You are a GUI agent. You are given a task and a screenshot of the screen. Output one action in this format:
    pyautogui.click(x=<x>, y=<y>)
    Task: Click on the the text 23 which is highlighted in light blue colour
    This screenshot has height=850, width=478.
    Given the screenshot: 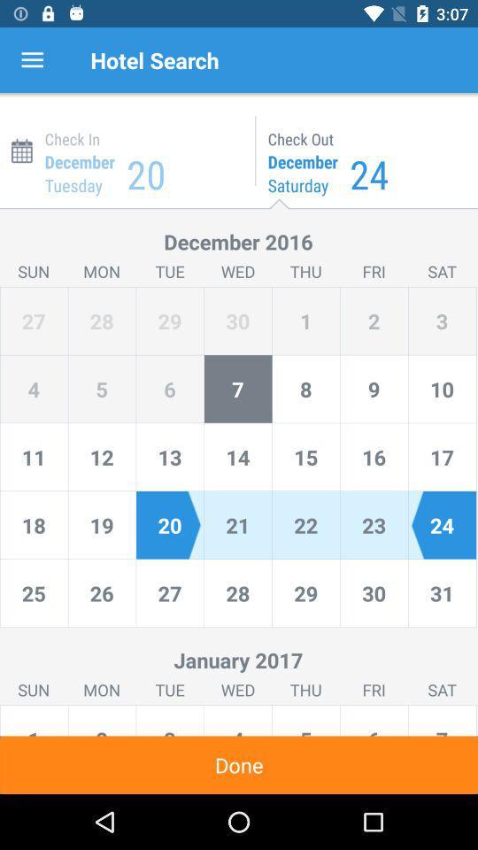 What is the action you would take?
    pyautogui.click(x=373, y=525)
    